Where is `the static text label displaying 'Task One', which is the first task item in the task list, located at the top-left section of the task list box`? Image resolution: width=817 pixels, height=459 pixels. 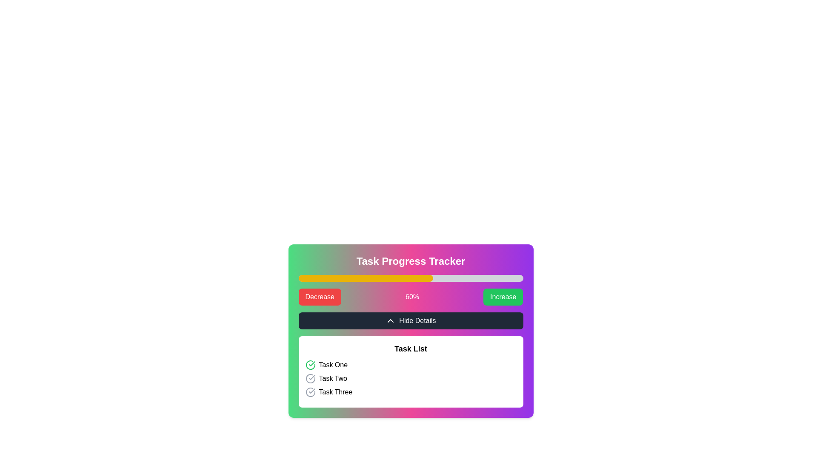
the static text label displaying 'Task One', which is the first task item in the task list, located at the top-left section of the task list box is located at coordinates (333, 365).